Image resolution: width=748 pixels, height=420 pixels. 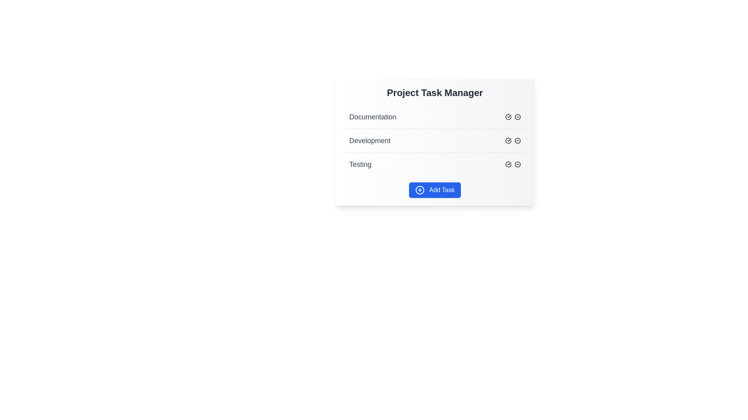 I want to click on the second row of the task list in the Project Task Manager, which displays task information including status and options, so click(x=434, y=142).